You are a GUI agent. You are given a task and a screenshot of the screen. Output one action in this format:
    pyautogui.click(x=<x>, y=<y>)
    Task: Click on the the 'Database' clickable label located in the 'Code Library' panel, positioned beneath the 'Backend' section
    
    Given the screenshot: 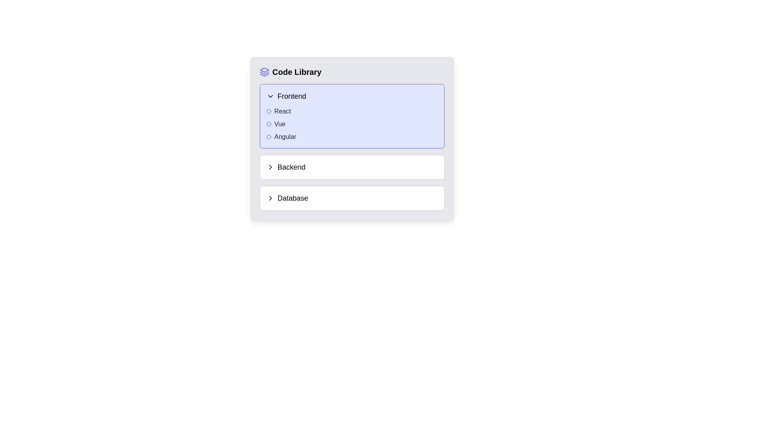 What is the action you would take?
    pyautogui.click(x=292, y=197)
    